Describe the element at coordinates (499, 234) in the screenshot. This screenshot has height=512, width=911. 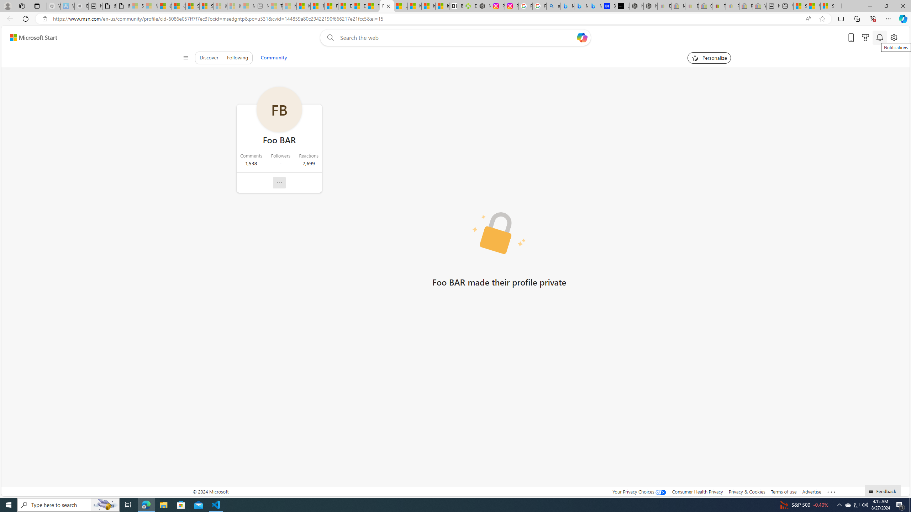
I see `'Private profile picture'` at that location.